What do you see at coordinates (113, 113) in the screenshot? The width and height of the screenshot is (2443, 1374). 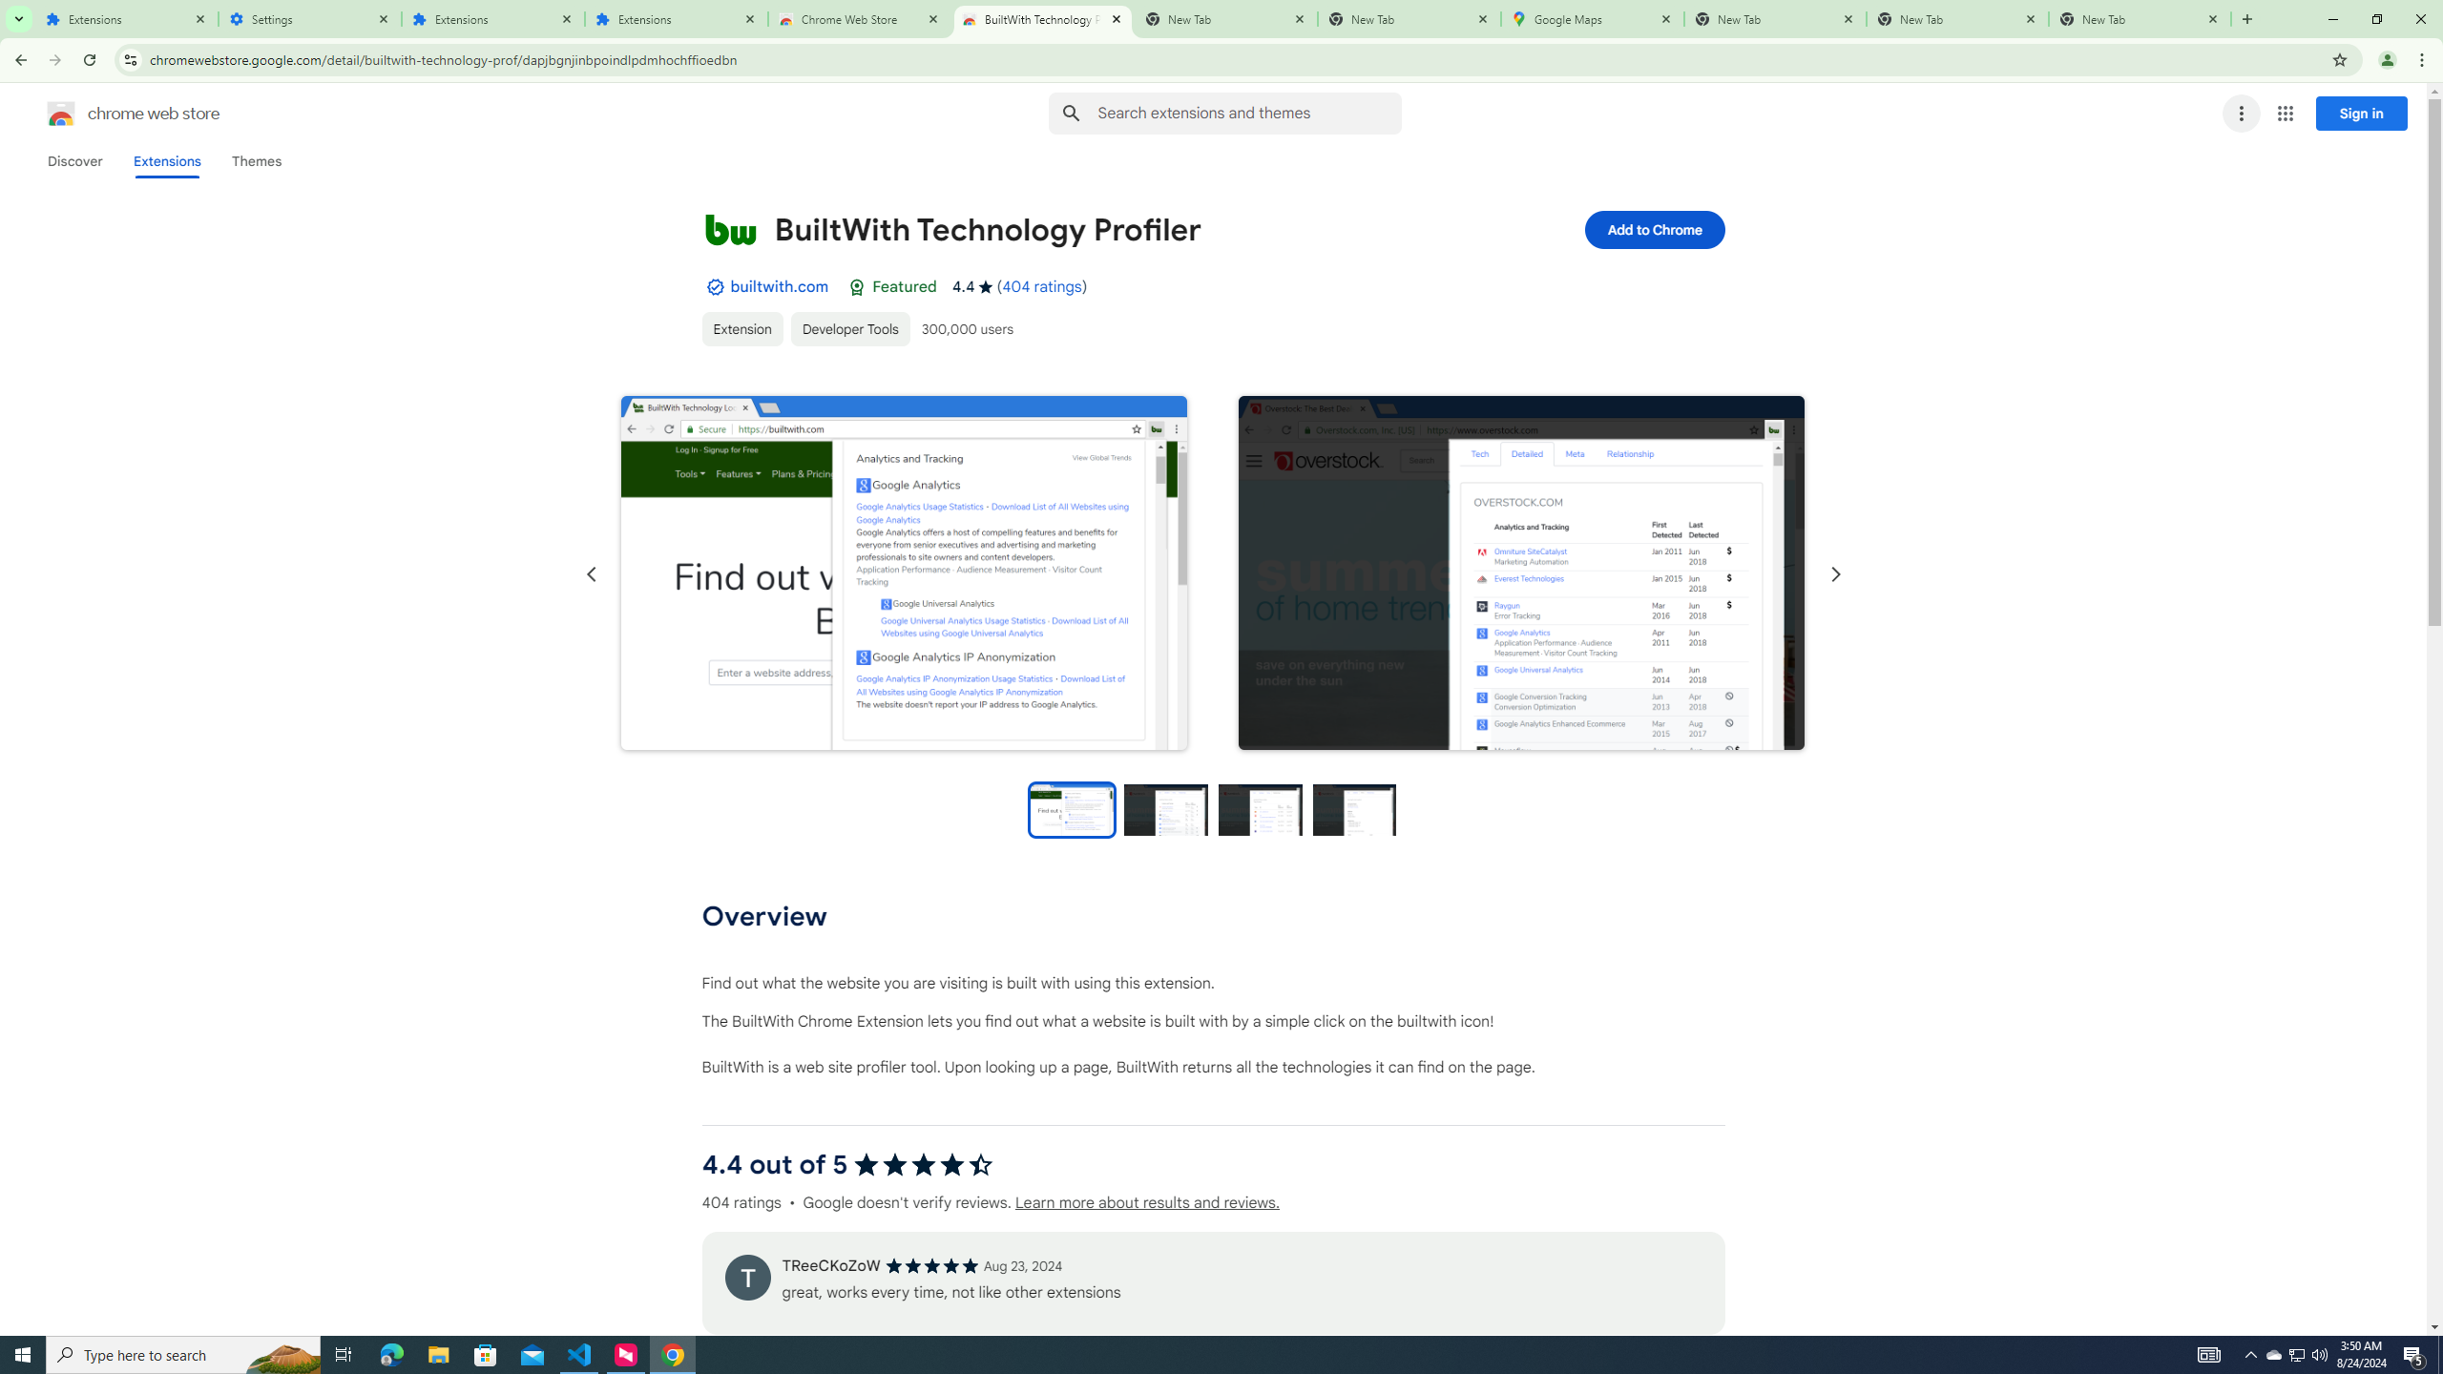 I see `'Chrome Web Store logo chrome web store'` at bounding box center [113, 113].